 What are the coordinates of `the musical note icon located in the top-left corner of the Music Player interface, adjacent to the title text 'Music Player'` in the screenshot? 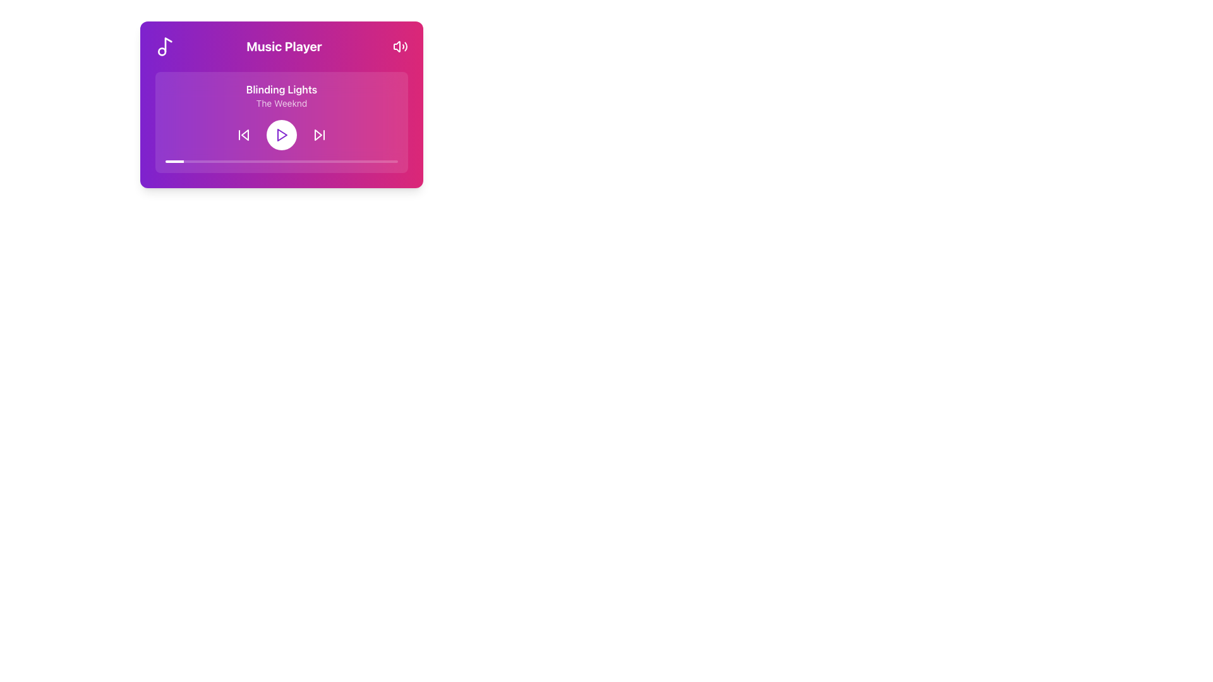 It's located at (165, 45).